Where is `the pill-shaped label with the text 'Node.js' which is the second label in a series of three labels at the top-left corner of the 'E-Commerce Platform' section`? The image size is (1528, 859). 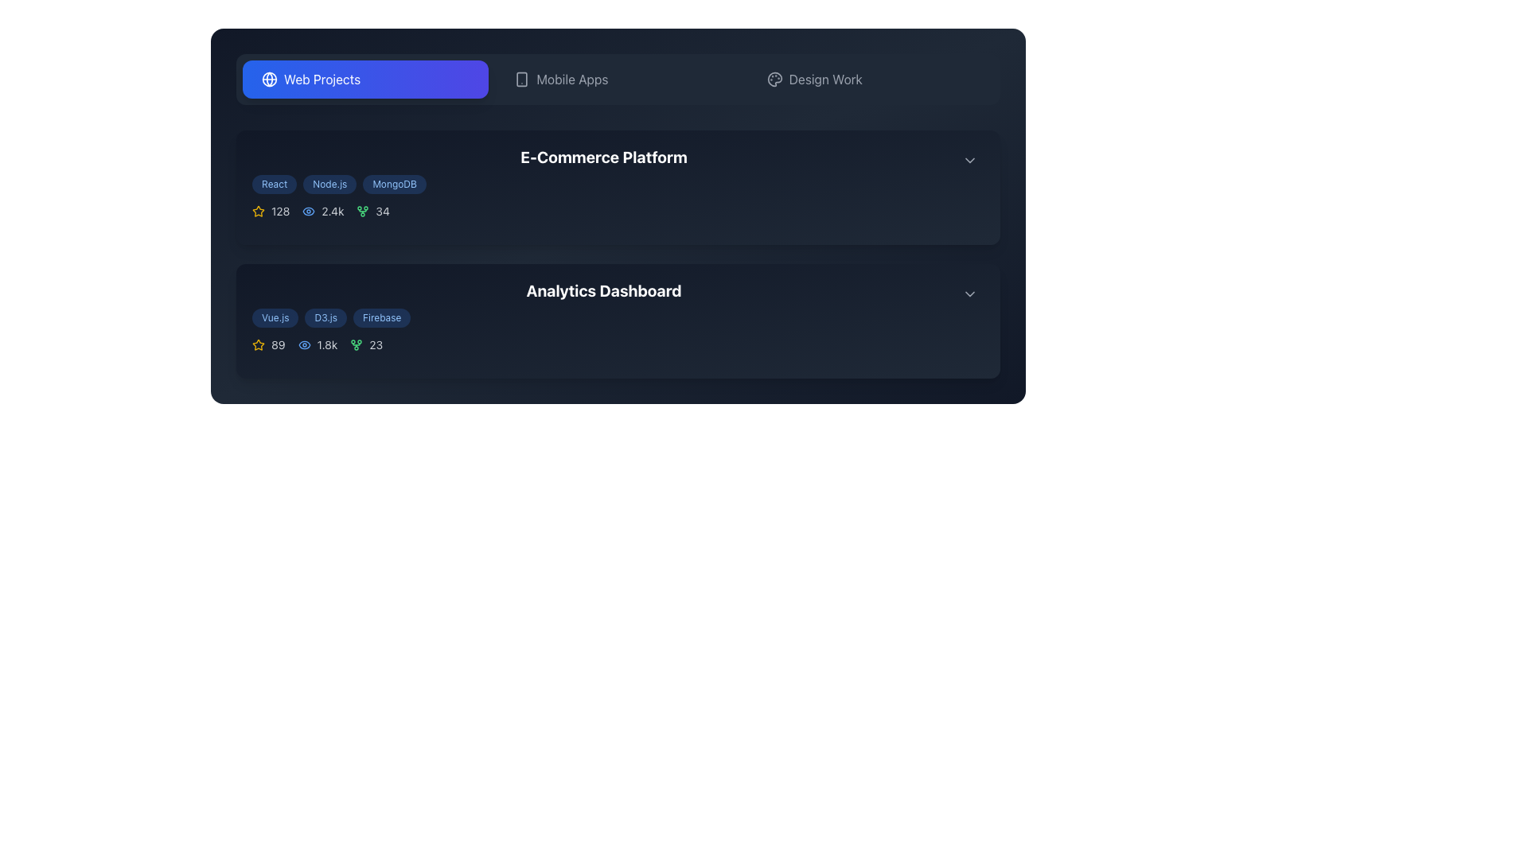 the pill-shaped label with the text 'Node.js' which is the second label in a series of three labels at the top-left corner of the 'E-Commerce Platform' section is located at coordinates (329, 183).